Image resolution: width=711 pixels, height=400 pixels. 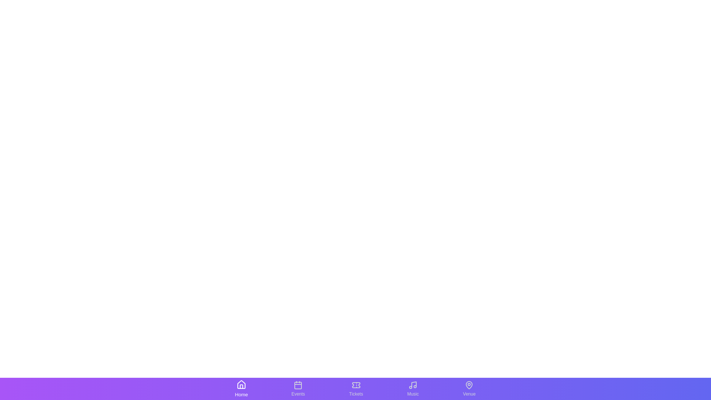 What do you see at coordinates (413, 388) in the screenshot?
I see `the tab labeled Music` at bounding box center [413, 388].